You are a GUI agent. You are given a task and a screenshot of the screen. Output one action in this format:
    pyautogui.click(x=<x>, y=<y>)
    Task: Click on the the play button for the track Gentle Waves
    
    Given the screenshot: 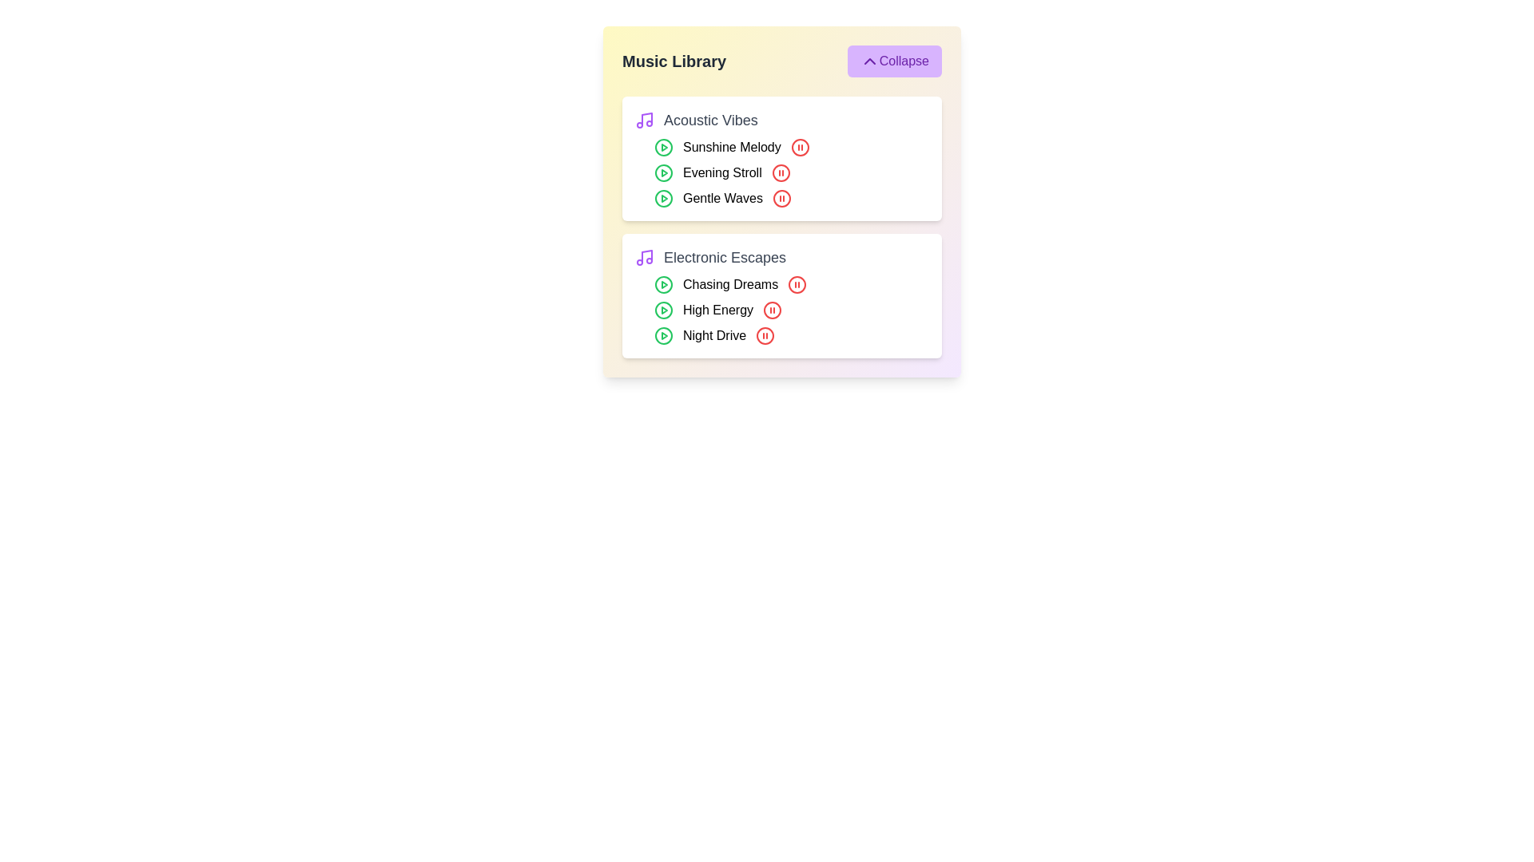 What is the action you would take?
    pyautogui.click(x=663, y=198)
    